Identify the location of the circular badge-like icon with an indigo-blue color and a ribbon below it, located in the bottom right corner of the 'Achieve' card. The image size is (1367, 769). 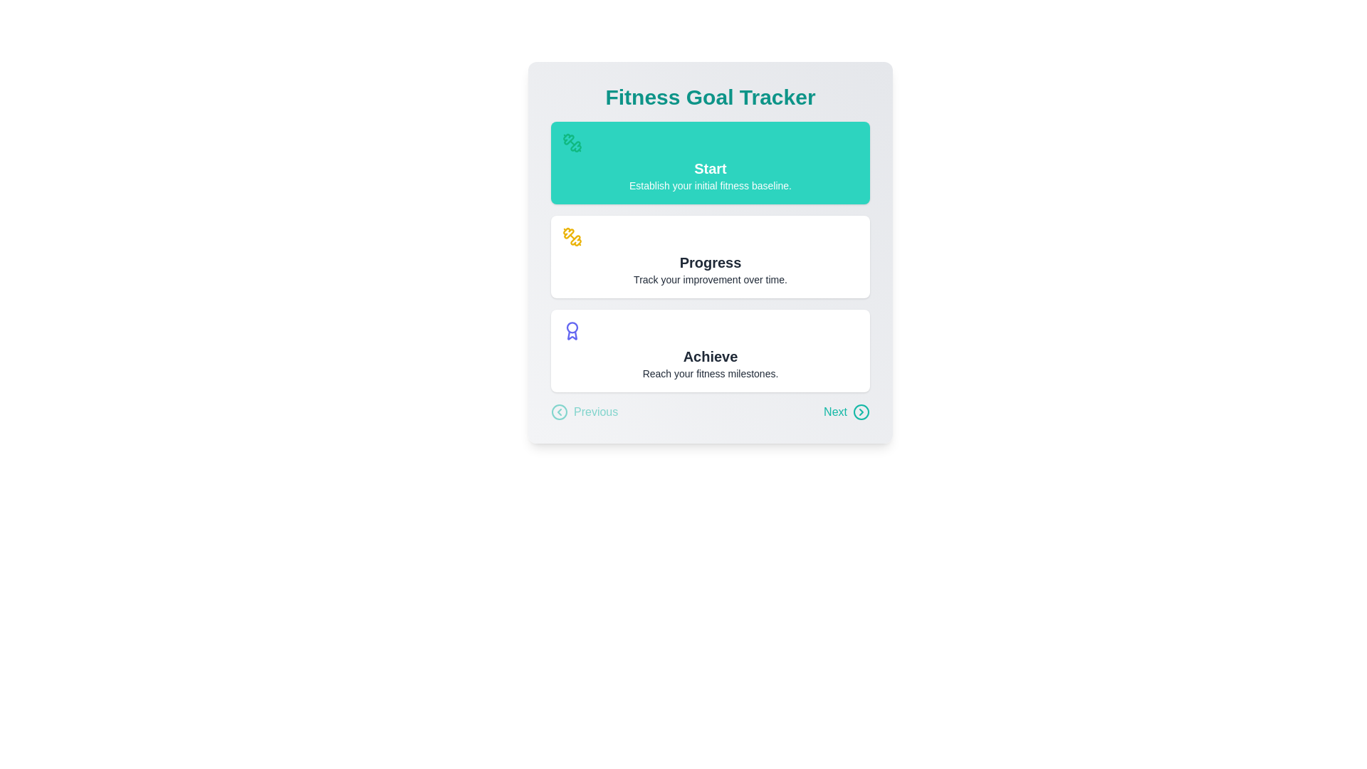
(572, 331).